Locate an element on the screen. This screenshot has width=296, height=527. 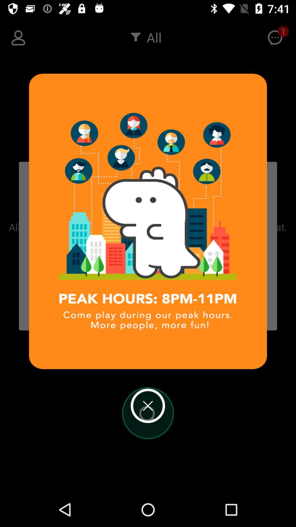
close is located at coordinates (147, 406).